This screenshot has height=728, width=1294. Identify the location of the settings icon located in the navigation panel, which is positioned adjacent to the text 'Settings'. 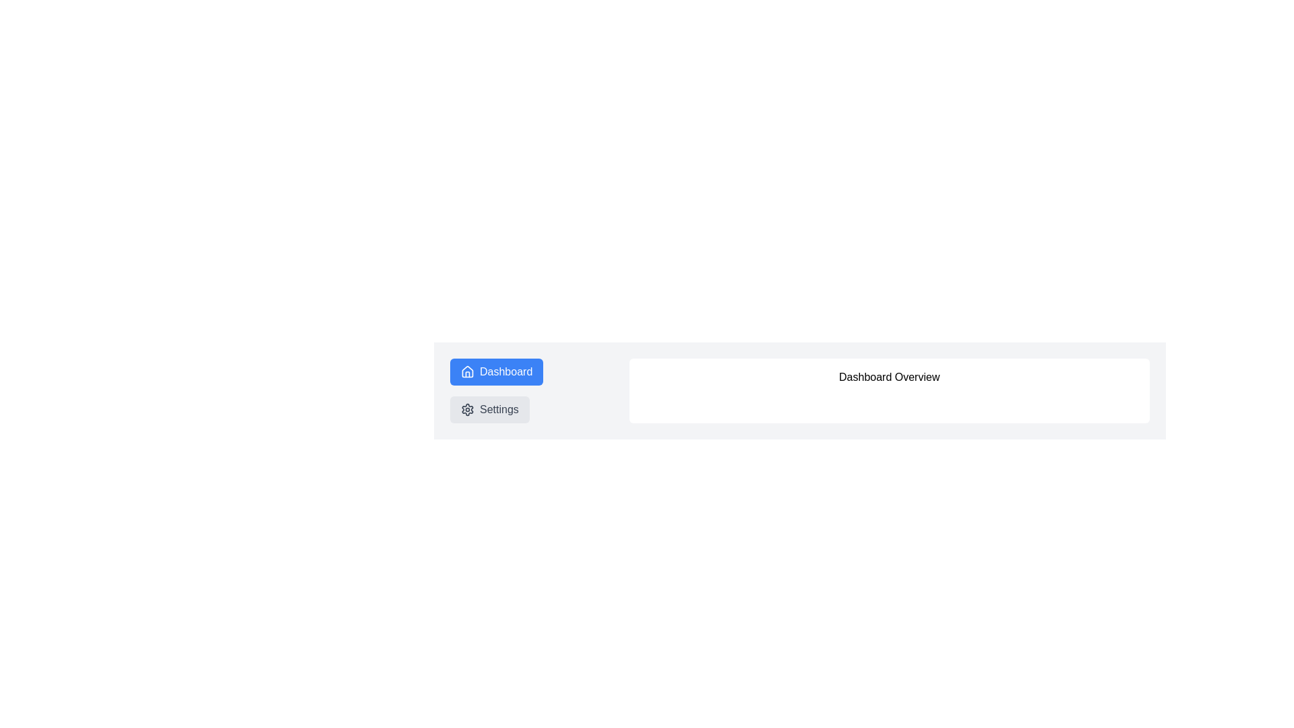
(468, 409).